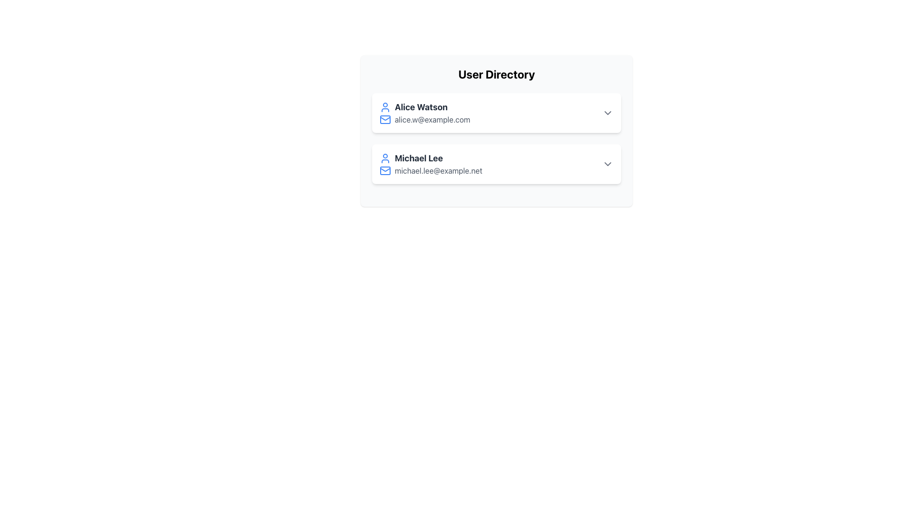  What do you see at coordinates (385, 119) in the screenshot?
I see `the mail icon styled as an outlined envelope with a blue color scheme, which is positioned next to the email address 'alice.w@example.com' for Alice Watson` at bounding box center [385, 119].